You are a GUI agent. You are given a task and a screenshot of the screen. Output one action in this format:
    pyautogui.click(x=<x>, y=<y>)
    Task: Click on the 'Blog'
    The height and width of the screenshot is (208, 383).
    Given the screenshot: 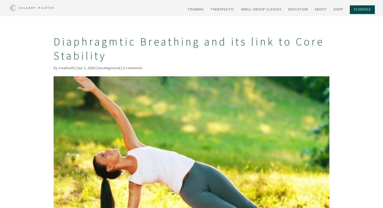 What is the action you would take?
    pyautogui.click(x=329, y=54)
    